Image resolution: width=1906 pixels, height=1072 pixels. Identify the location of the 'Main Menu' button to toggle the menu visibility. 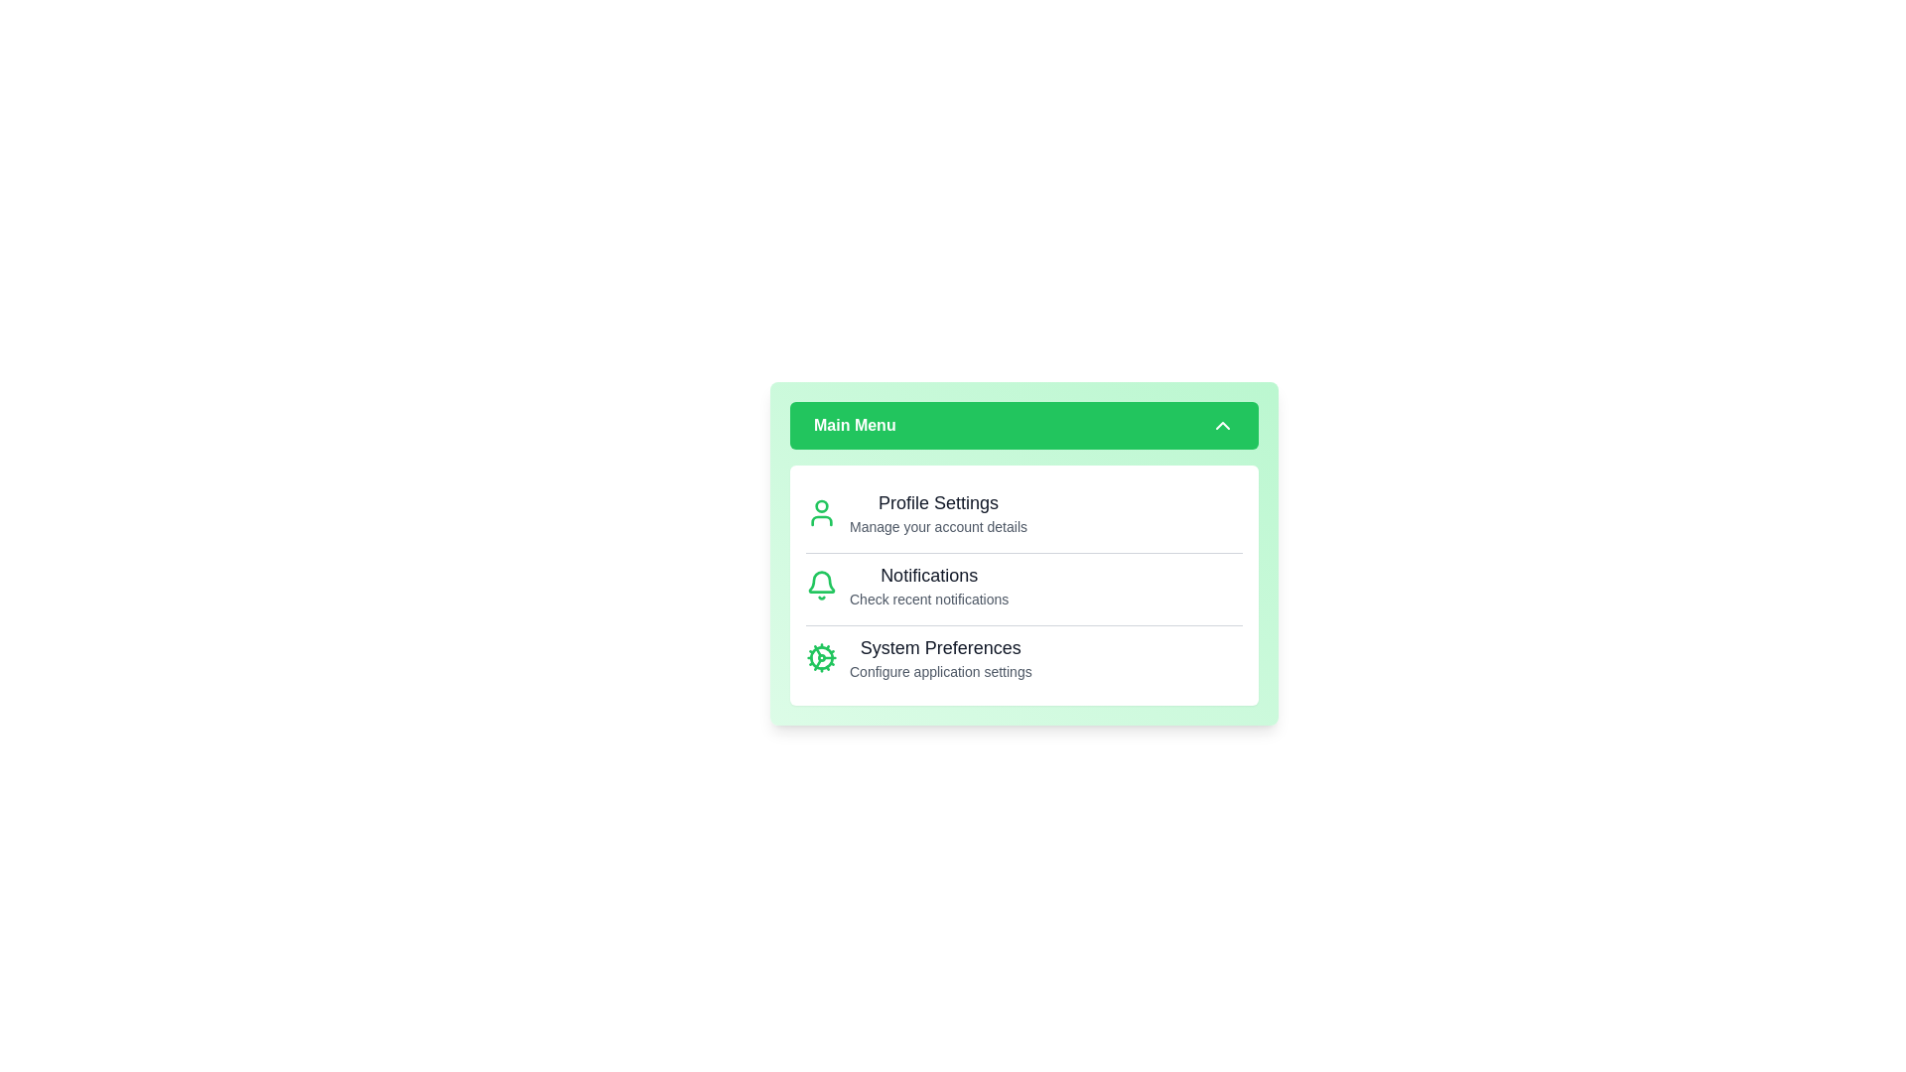
(1024, 424).